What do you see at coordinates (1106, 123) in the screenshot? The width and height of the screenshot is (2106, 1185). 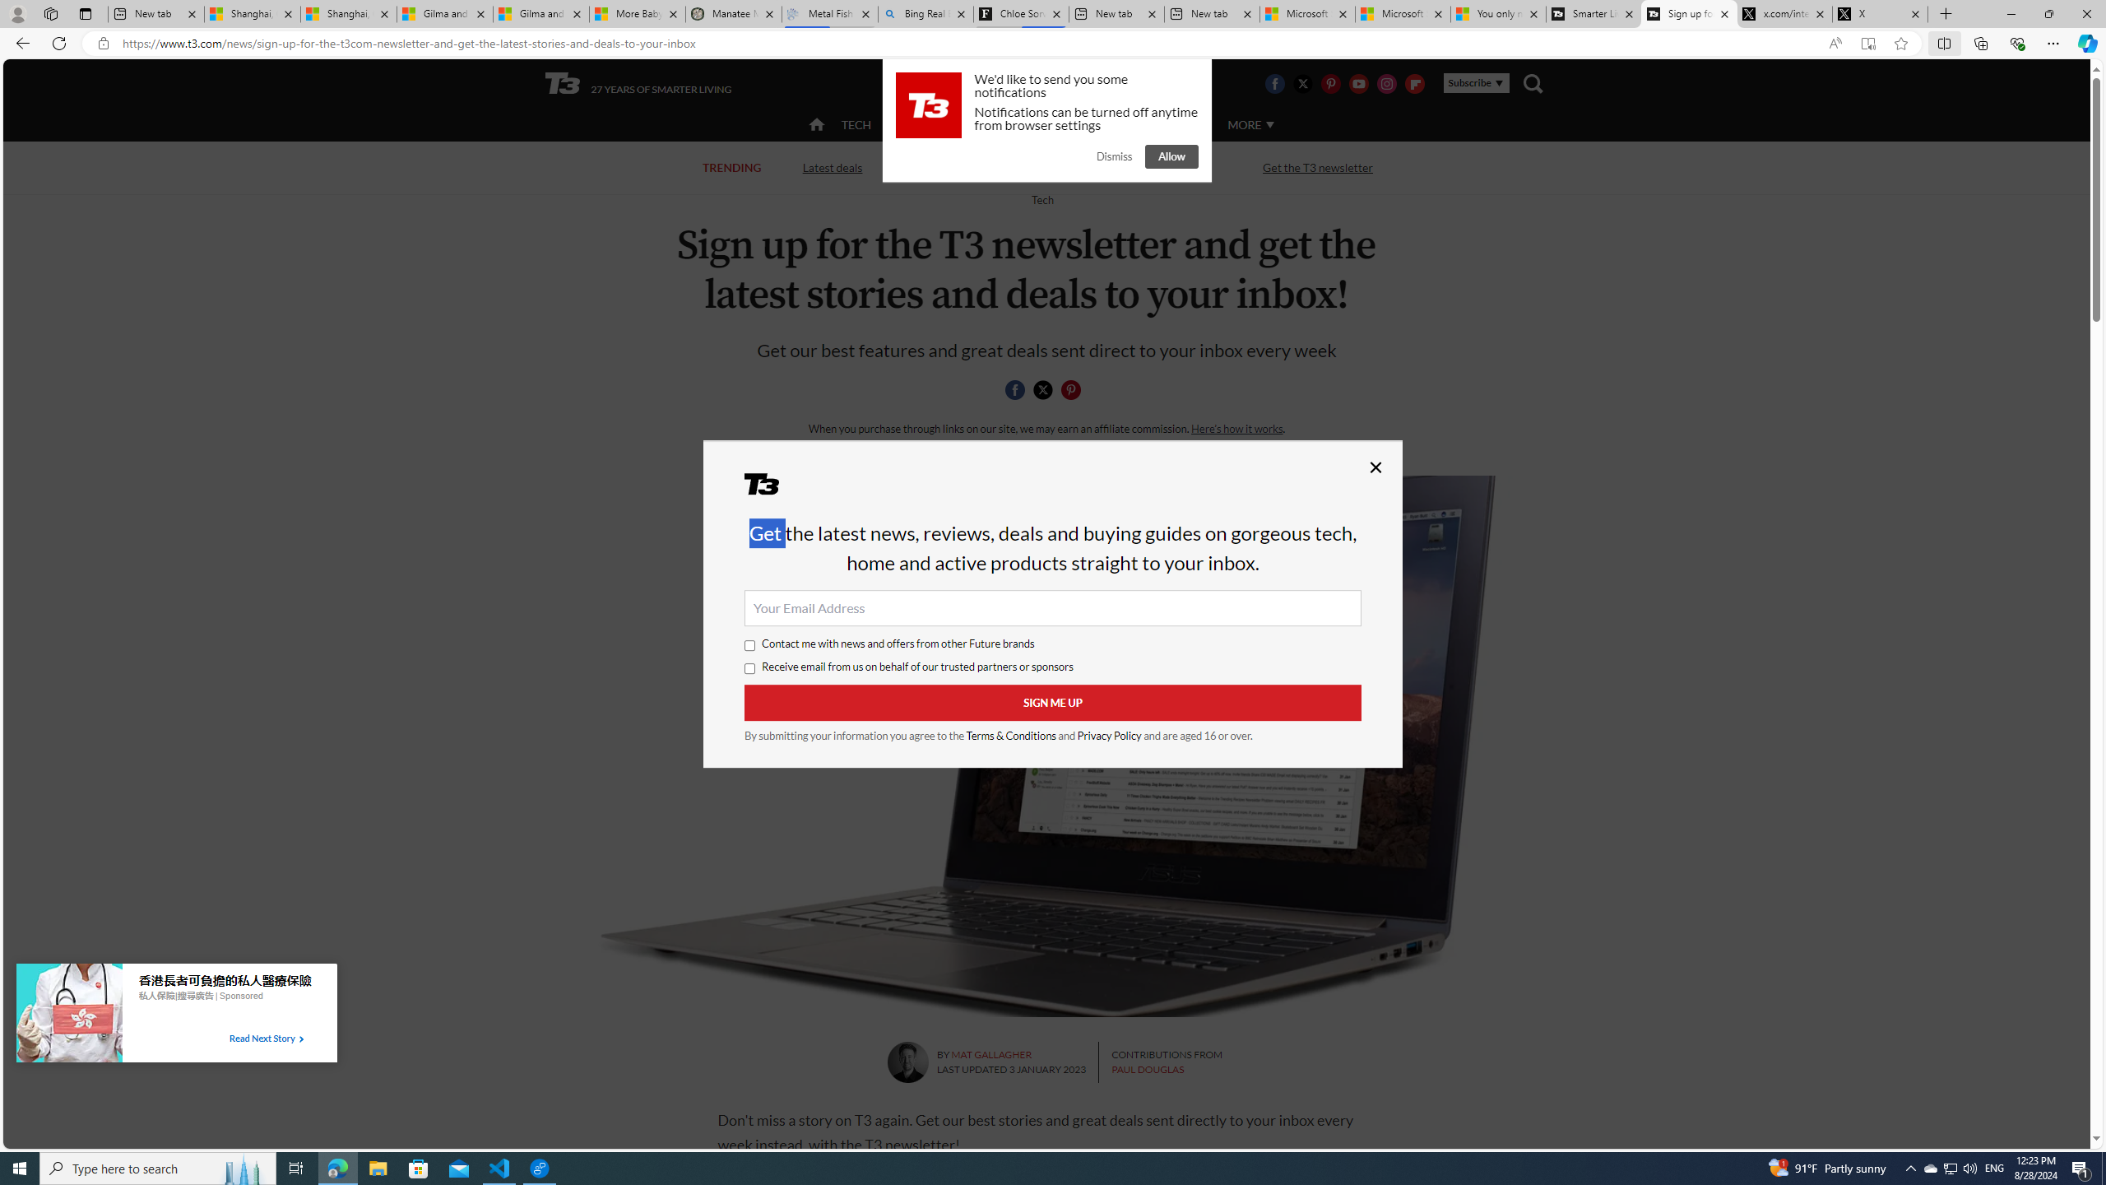 I see `'LUXURY'` at bounding box center [1106, 123].